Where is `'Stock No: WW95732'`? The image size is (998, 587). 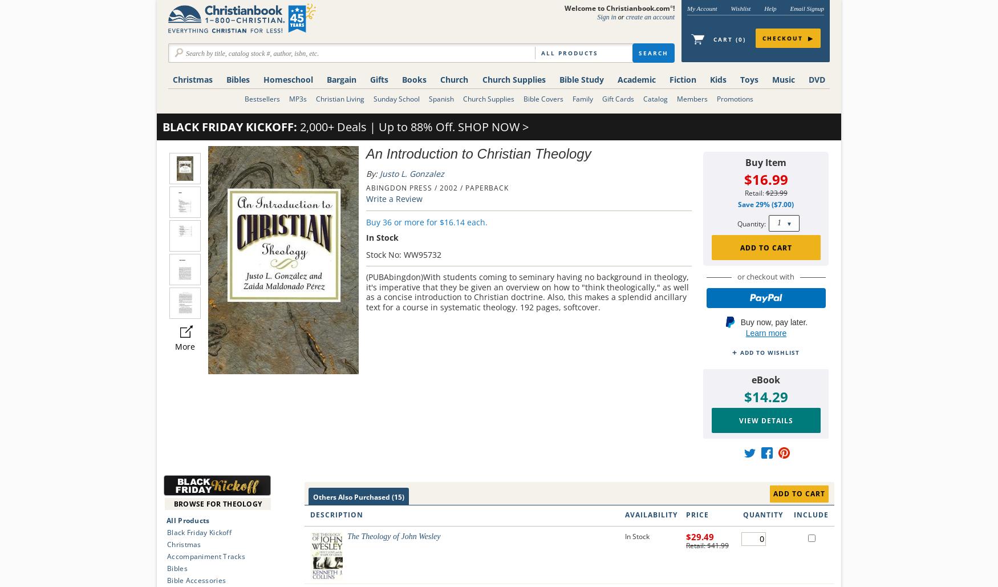
'Stock No: WW95732' is located at coordinates (403, 254).